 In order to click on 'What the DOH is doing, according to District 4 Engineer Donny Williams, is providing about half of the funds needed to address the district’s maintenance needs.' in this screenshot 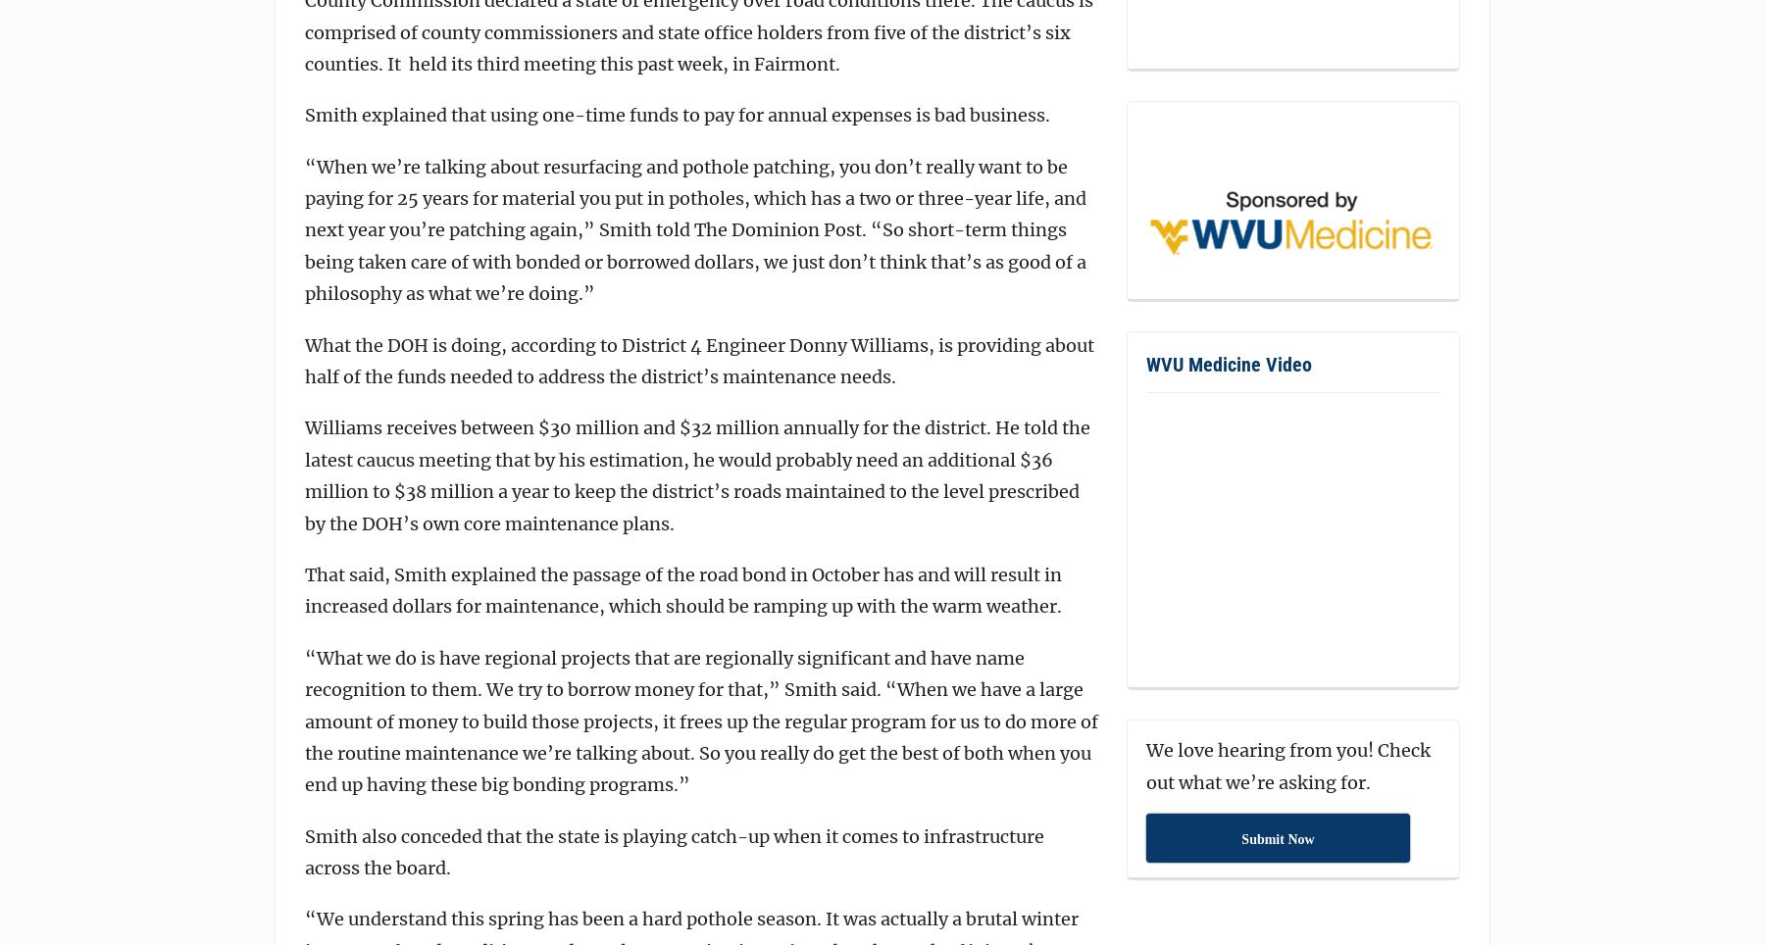, I will do `click(304, 360)`.